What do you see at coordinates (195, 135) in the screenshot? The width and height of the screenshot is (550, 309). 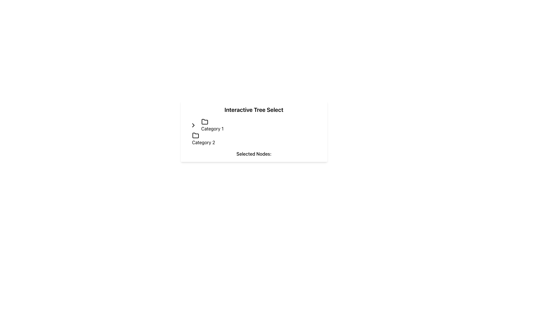 I see `the second folder icon labeled 'Category 2' in the 'Interactive Tree Select' section` at bounding box center [195, 135].